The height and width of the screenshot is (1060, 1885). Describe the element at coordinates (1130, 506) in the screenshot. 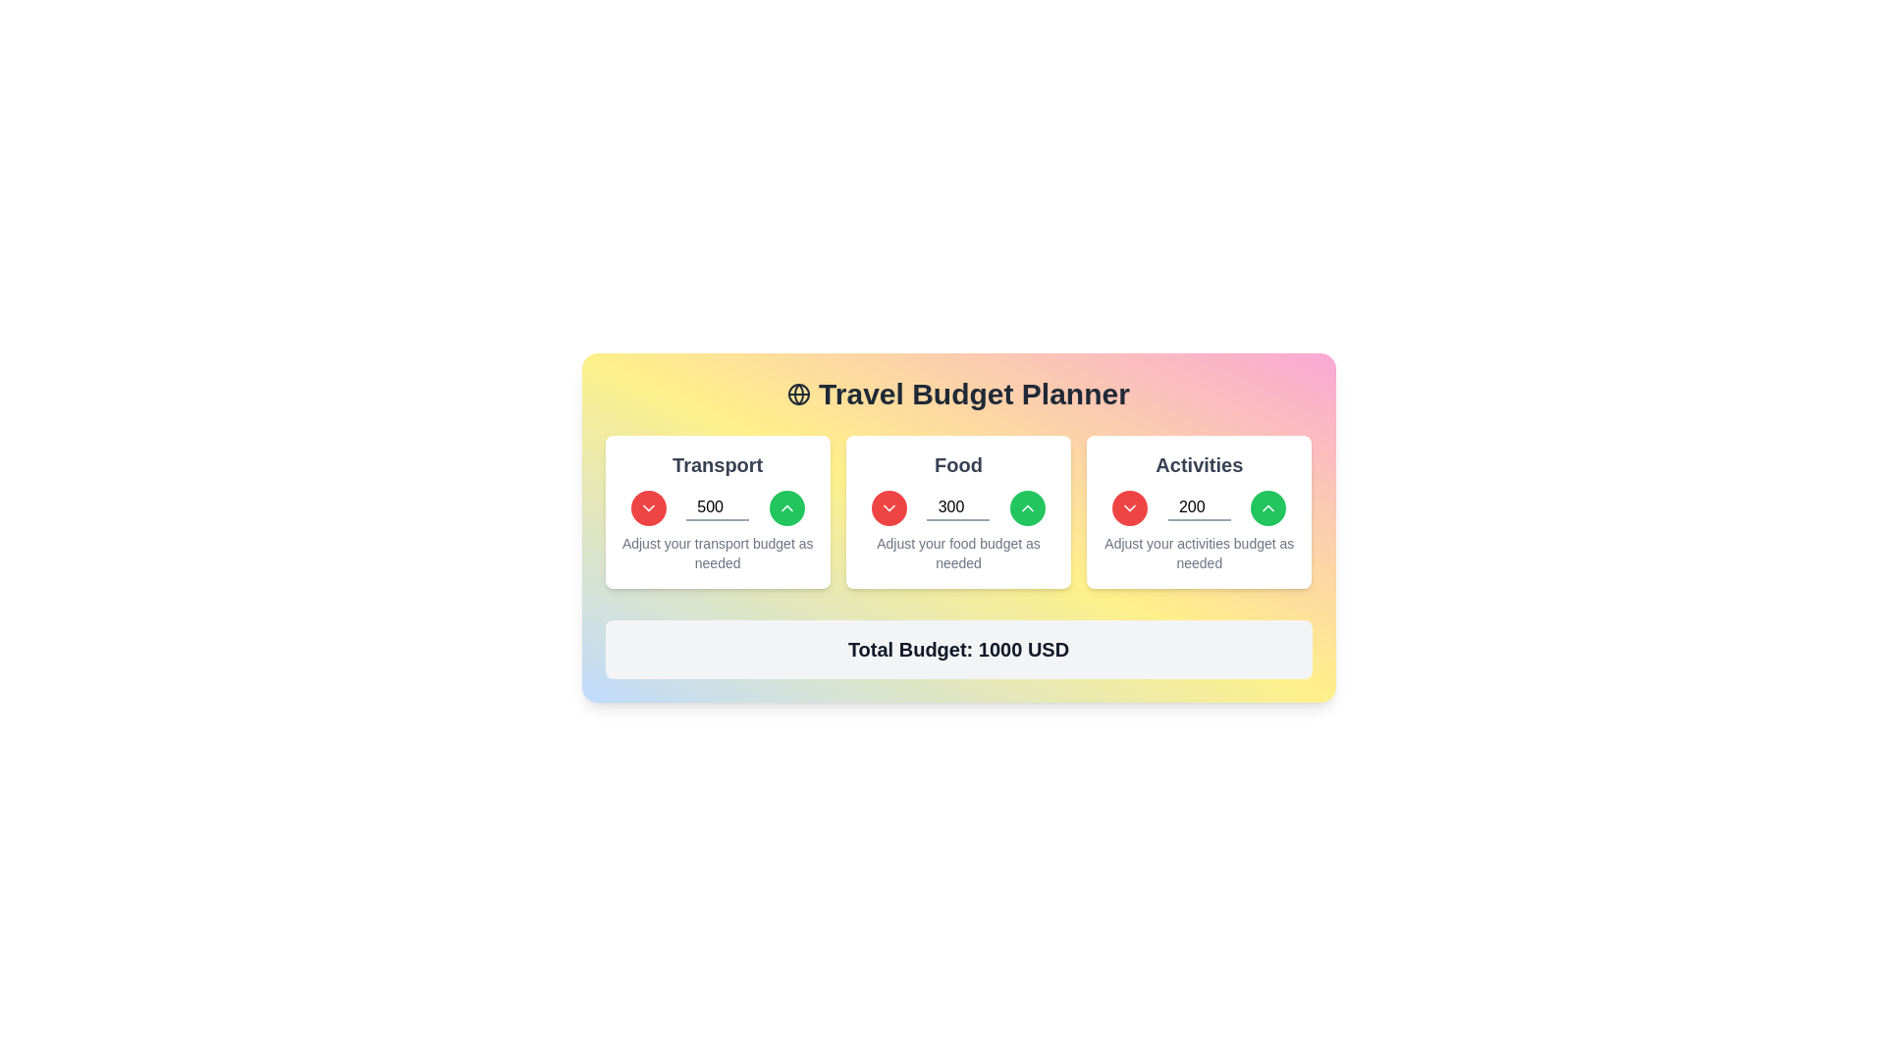

I see `the chevron icon located on the left-hand side of the red circular button below the 'Transport' label in the first card of budget categories to decrease the value or collapse` at that location.